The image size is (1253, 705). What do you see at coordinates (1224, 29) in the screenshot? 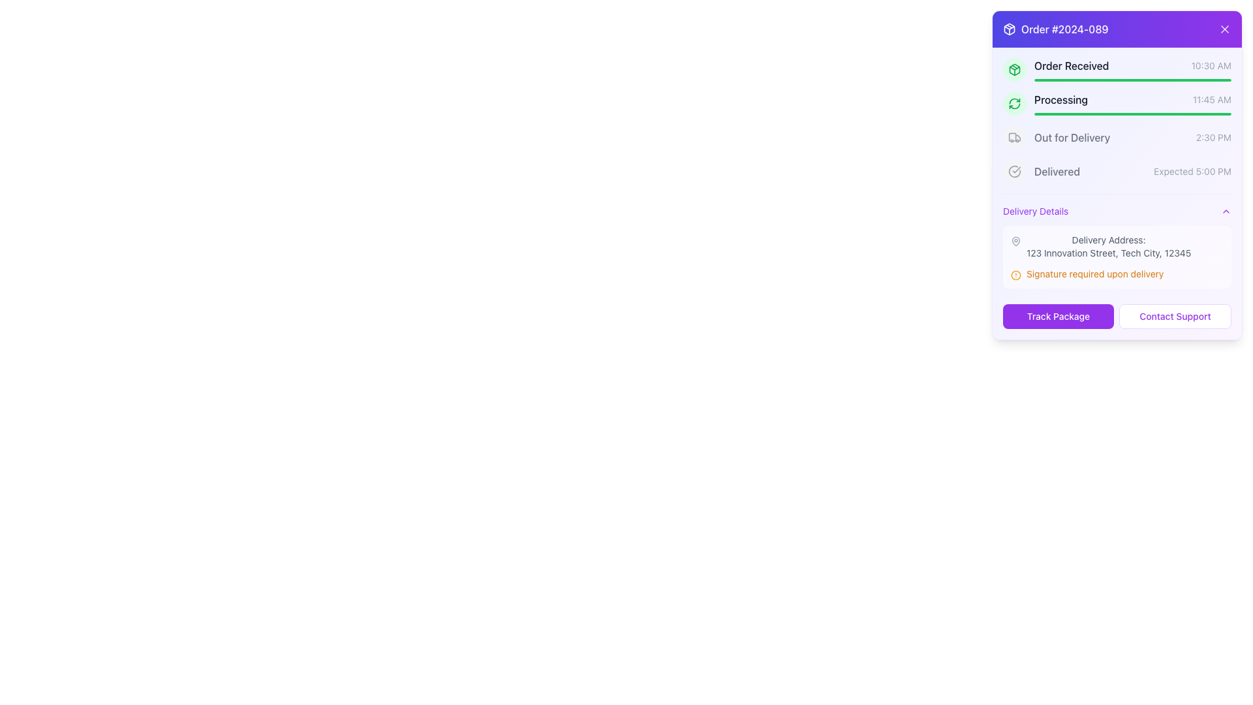
I see `the close/dismiss button located in the top-right corner of the purple header bar, next to the text 'Order #2024-089'` at bounding box center [1224, 29].